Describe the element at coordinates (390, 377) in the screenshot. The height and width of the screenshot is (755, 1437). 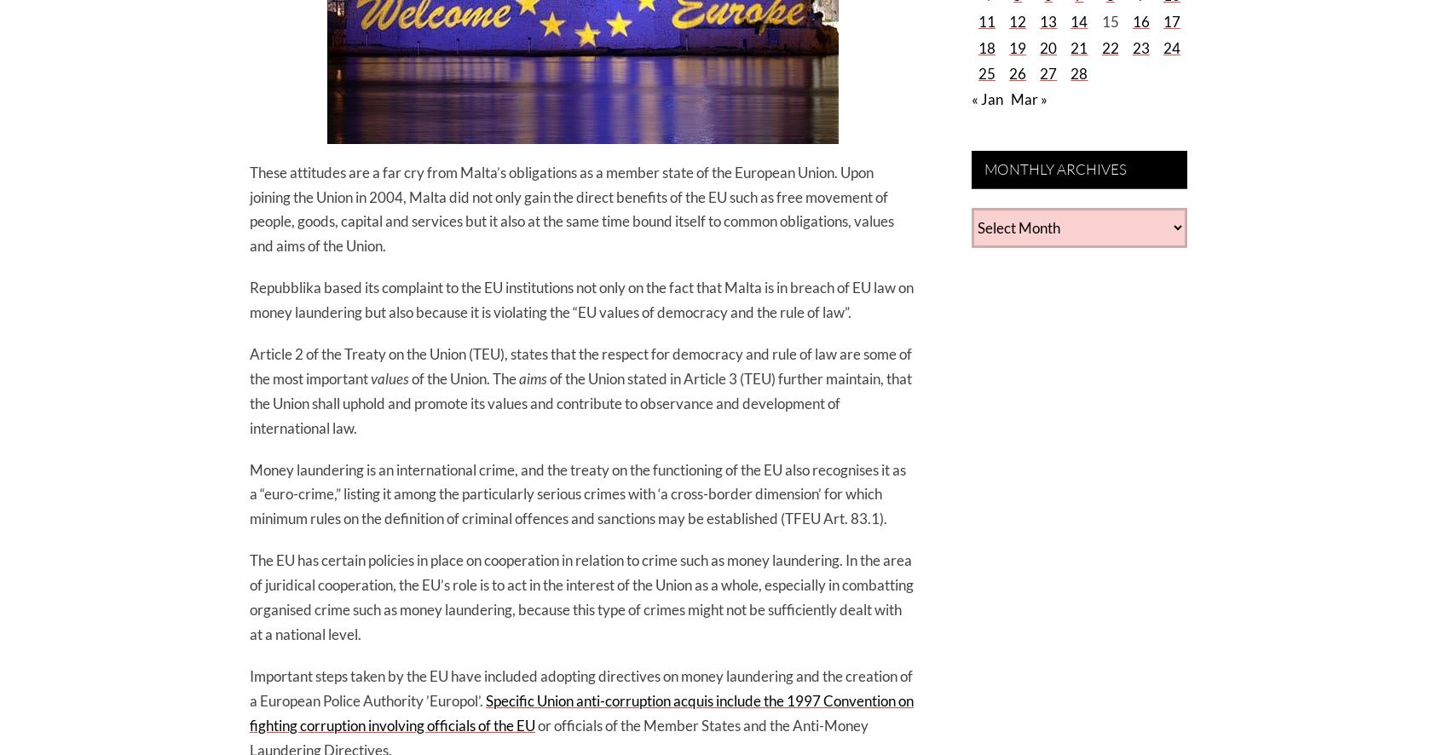
I see `'values'` at that location.